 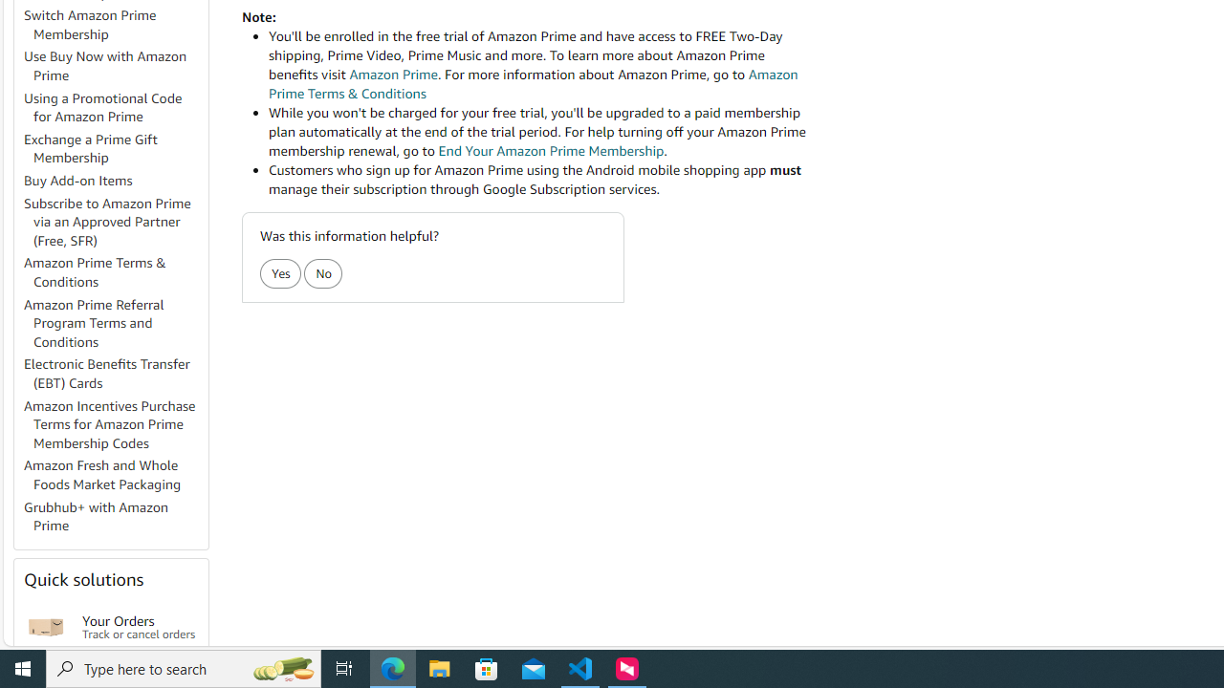 What do you see at coordinates (114, 474) in the screenshot?
I see `'Amazon Fresh and Whole Foods Market Packaging'` at bounding box center [114, 474].